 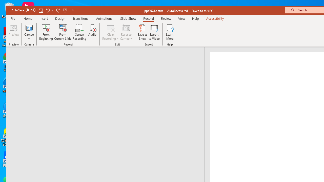 I want to click on 'Export to Video', so click(x=154, y=32).